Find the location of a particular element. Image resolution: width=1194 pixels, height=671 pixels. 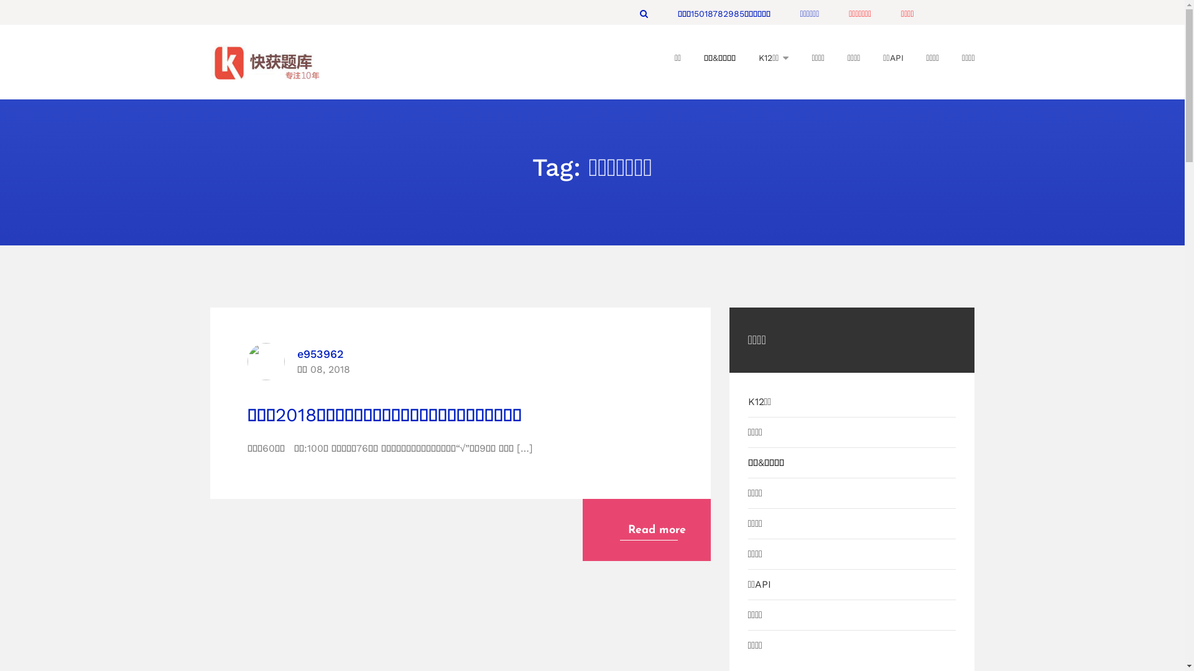

'e953962' is located at coordinates (323, 354).